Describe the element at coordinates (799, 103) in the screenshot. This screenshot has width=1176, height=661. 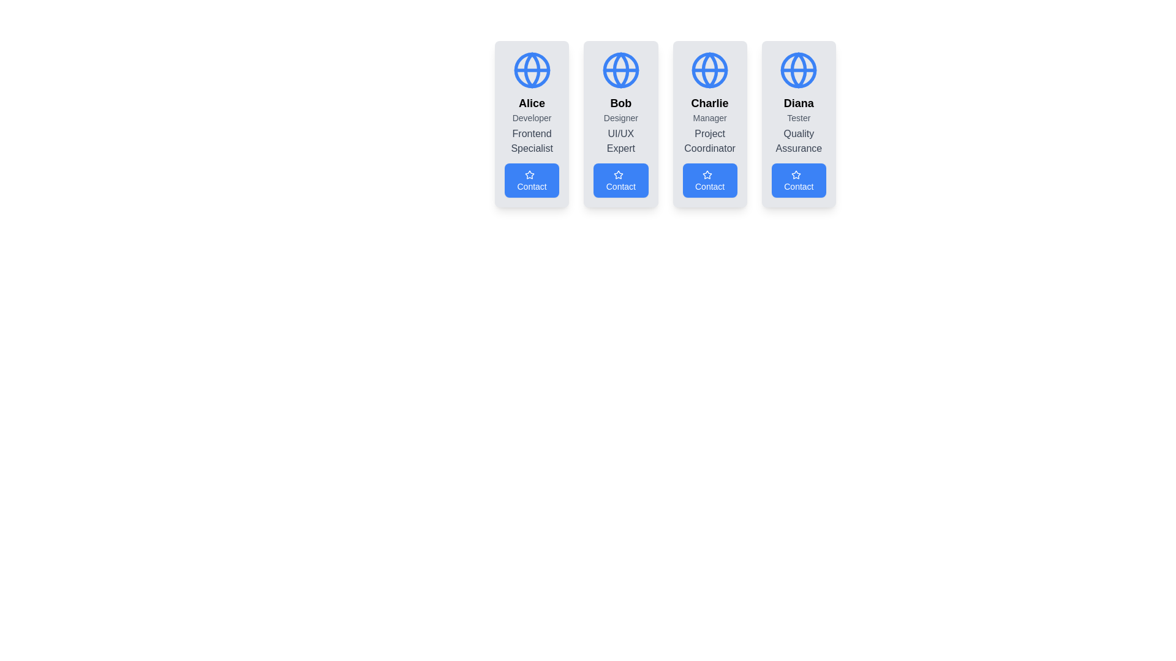
I see `name displayed in the bold text block labeled 'Diana', which is part of the fourth profile card in a horizontal list` at that location.